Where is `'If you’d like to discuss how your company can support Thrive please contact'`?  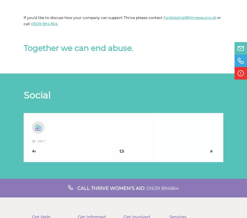 'If you’d like to discuss how your company can support Thrive please contact' is located at coordinates (93, 17).